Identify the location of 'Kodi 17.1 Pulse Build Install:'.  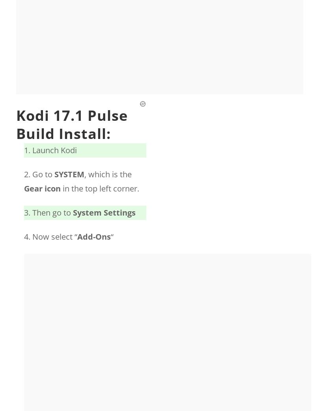
(16, 124).